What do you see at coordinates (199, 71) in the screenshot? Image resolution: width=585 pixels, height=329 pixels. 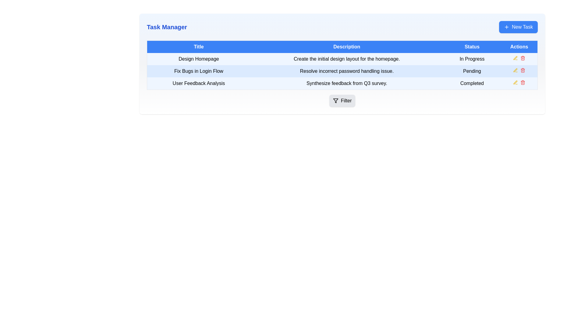 I see `the Text label displaying the task title 'Fix Bugs in Login Flow' located in the first cell of the 'Task Manager' section under the 'Title' column` at bounding box center [199, 71].